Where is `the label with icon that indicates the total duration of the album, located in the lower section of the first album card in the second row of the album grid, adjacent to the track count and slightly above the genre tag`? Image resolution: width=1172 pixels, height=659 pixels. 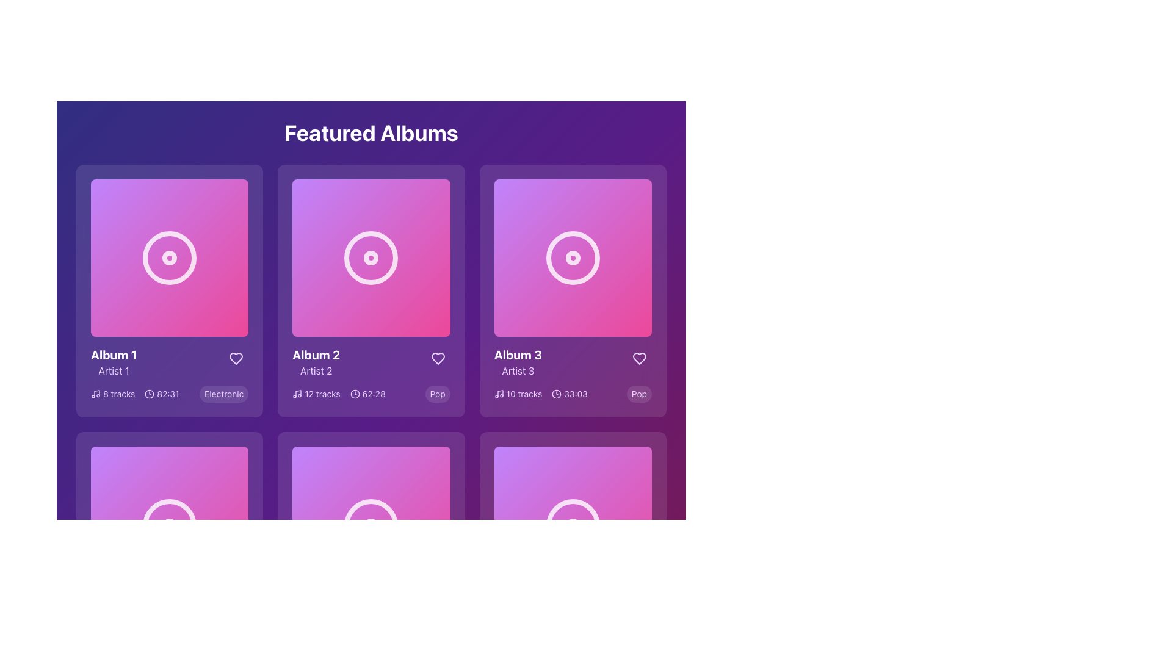 the label with icon that indicates the total duration of the album, located in the lower section of the first album card in the second row of the album grid, adjacent to the track count and slightly above the genre tag is located at coordinates (161, 394).